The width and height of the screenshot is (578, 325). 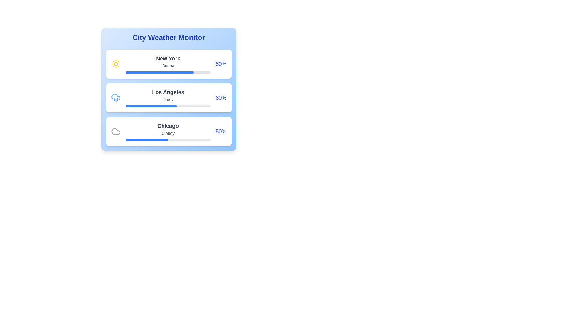 I want to click on the Information panel titled 'City Weather Monitor', which features a gradient background and displays city weather statuses, so click(x=169, y=89).